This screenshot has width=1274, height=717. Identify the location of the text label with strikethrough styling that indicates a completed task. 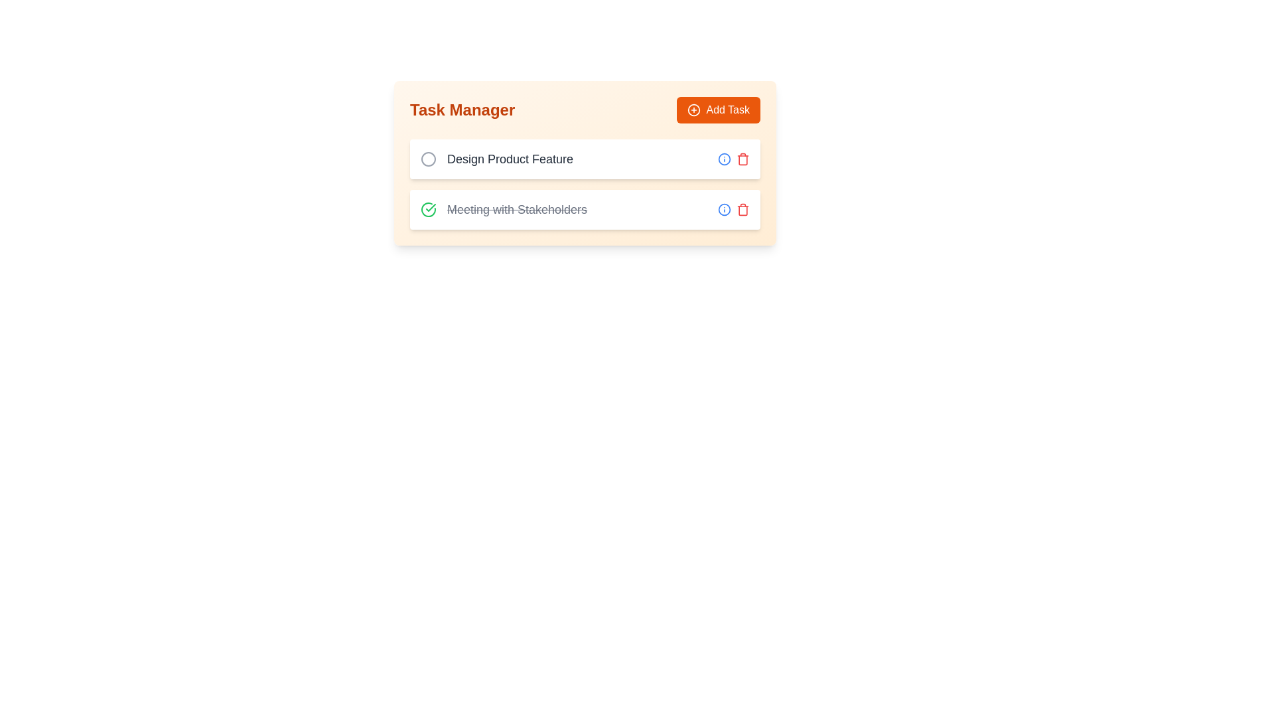
(503, 209).